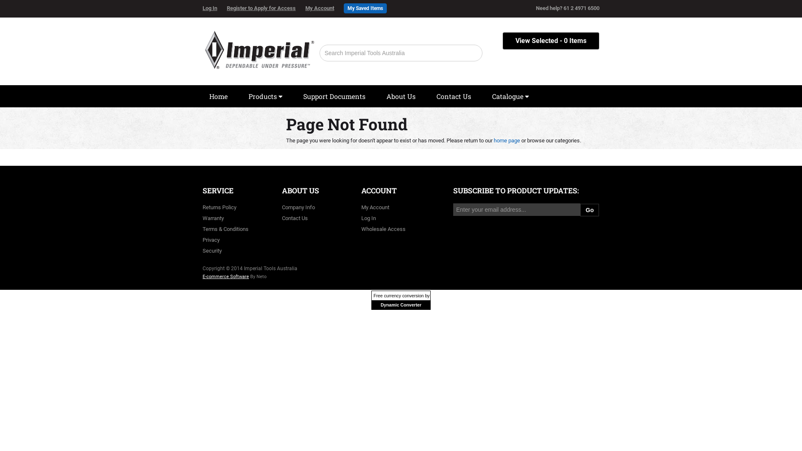 Image resolution: width=802 pixels, height=451 pixels. I want to click on 'E-commerce Software', so click(226, 276).